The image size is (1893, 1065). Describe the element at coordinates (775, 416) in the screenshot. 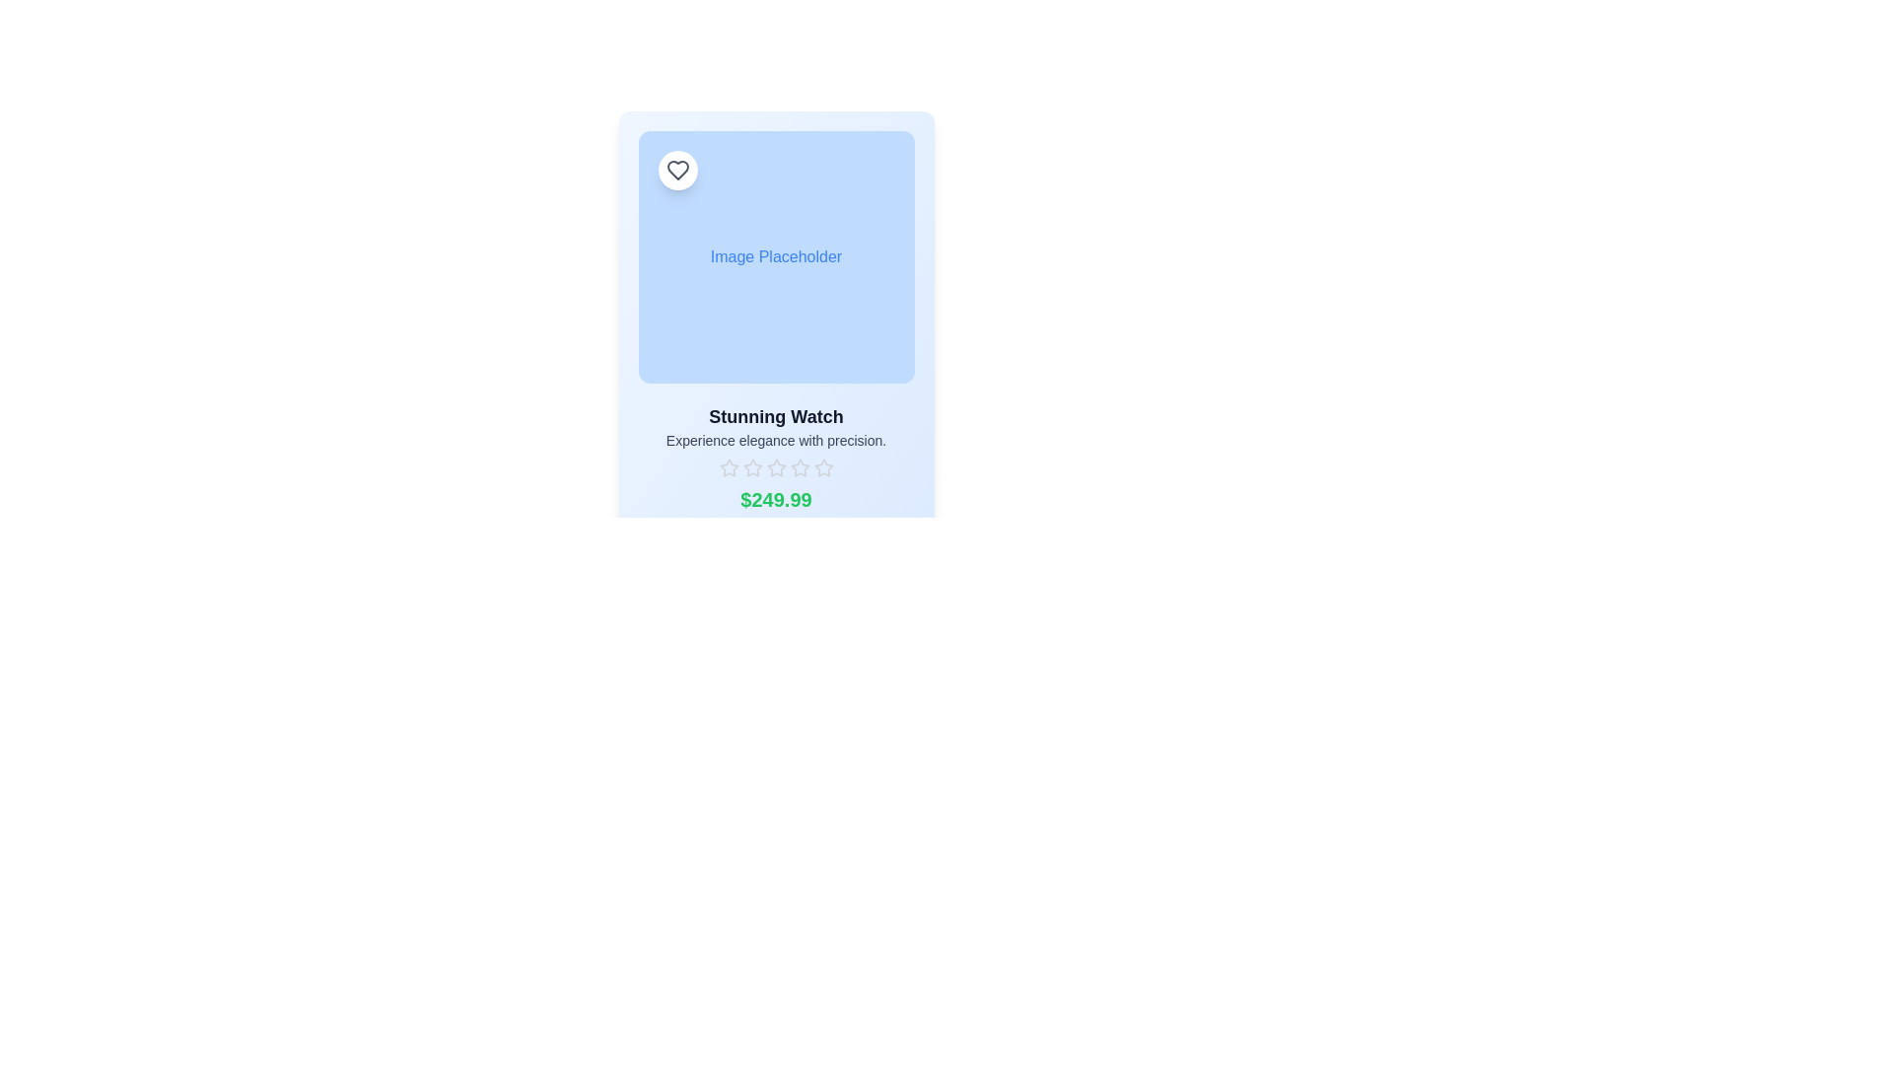

I see `title text 'Stunning Watch' which is centrally positioned above the description text within the product's card layout` at that location.